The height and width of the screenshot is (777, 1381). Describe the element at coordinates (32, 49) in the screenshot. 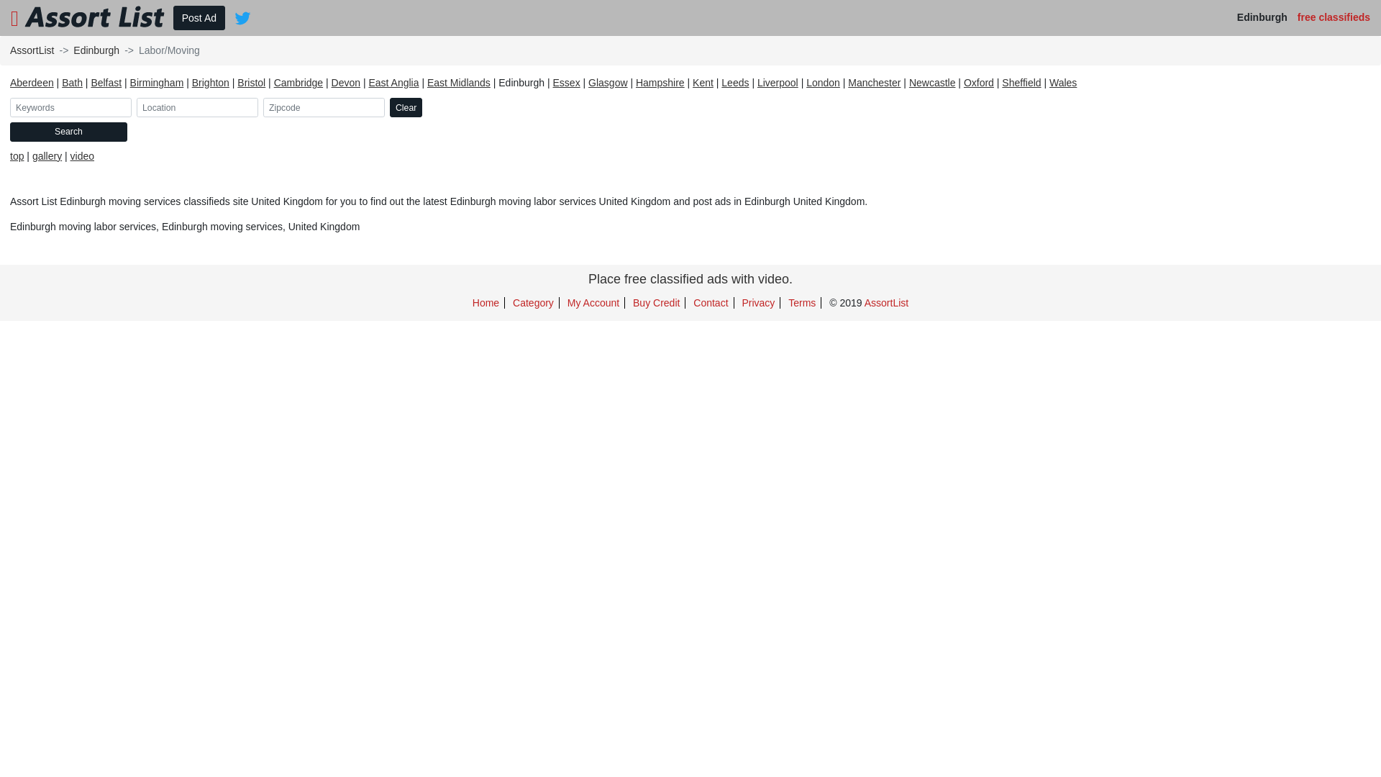

I see `'AssortList'` at that location.